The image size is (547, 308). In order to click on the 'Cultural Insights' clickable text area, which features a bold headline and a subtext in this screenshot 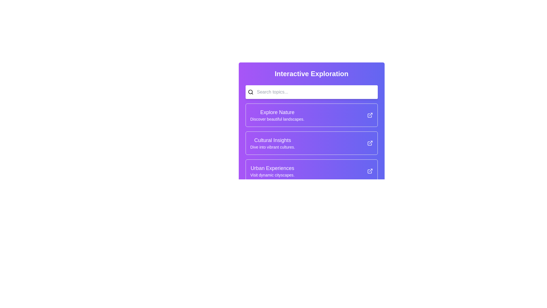, I will do `click(272, 143)`.